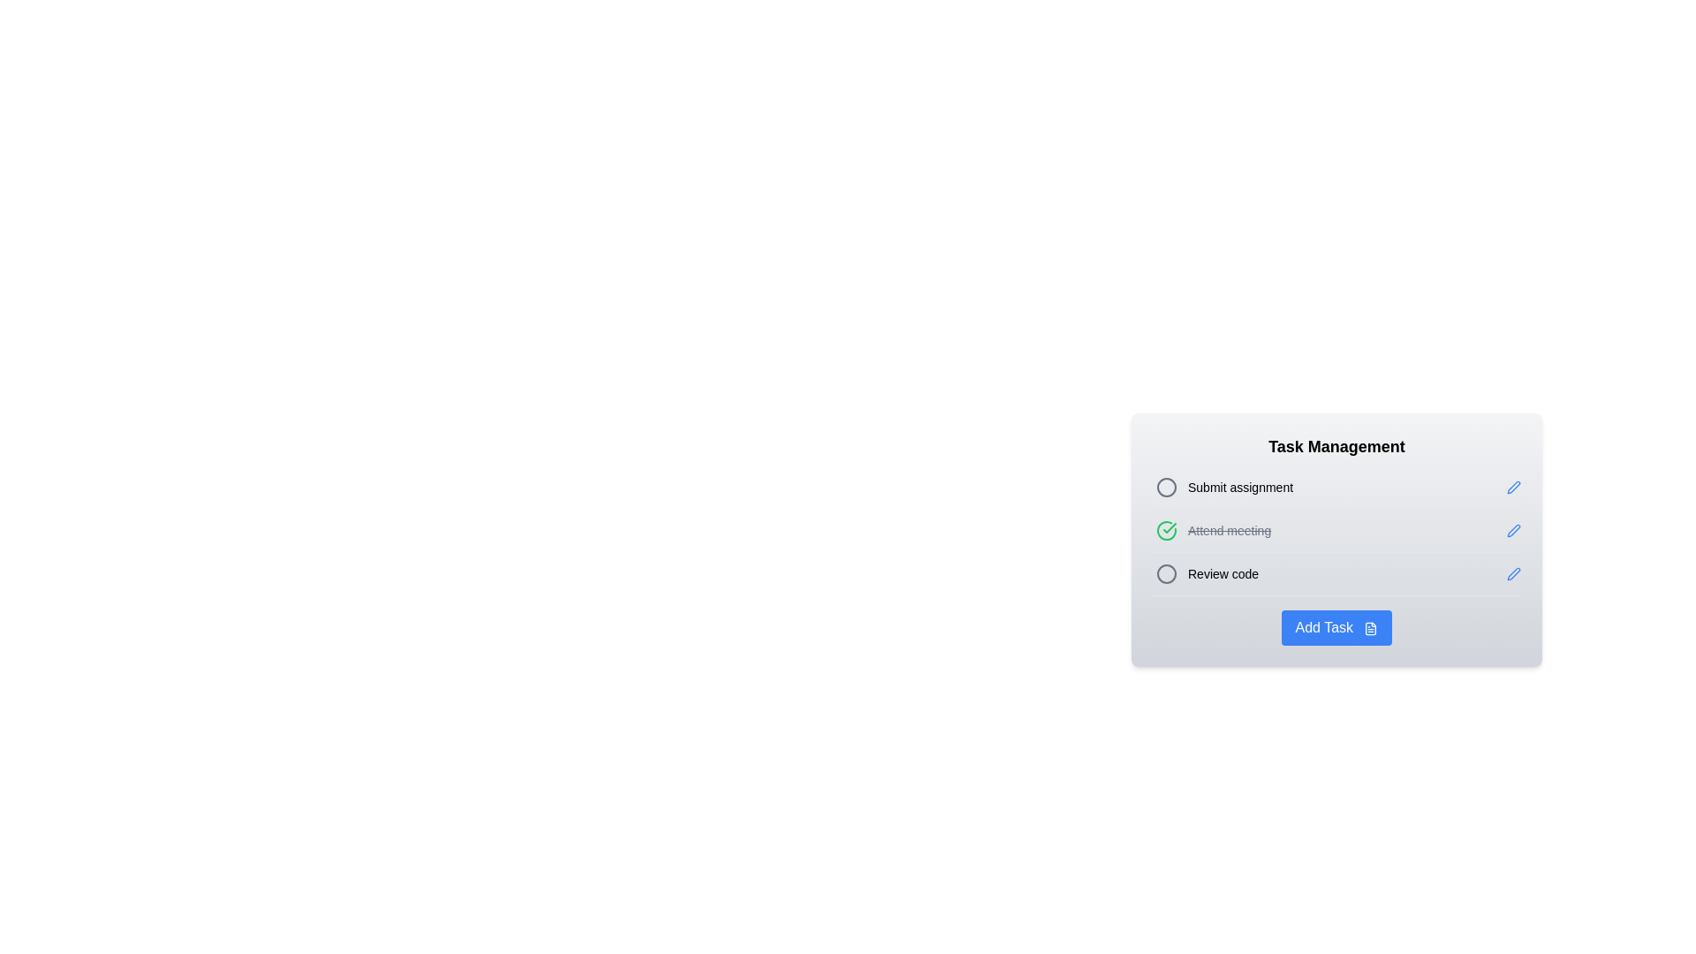 This screenshot has width=1696, height=954. I want to click on the 'Add Task' button located at the bottom of the 'Task Management' panel, so click(1336, 626).